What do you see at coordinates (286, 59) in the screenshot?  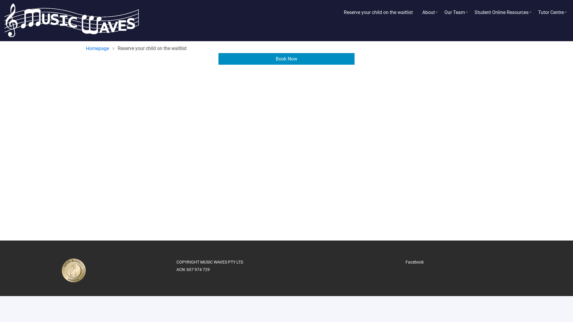 I see `'Book Now'` at bounding box center [286, 59].